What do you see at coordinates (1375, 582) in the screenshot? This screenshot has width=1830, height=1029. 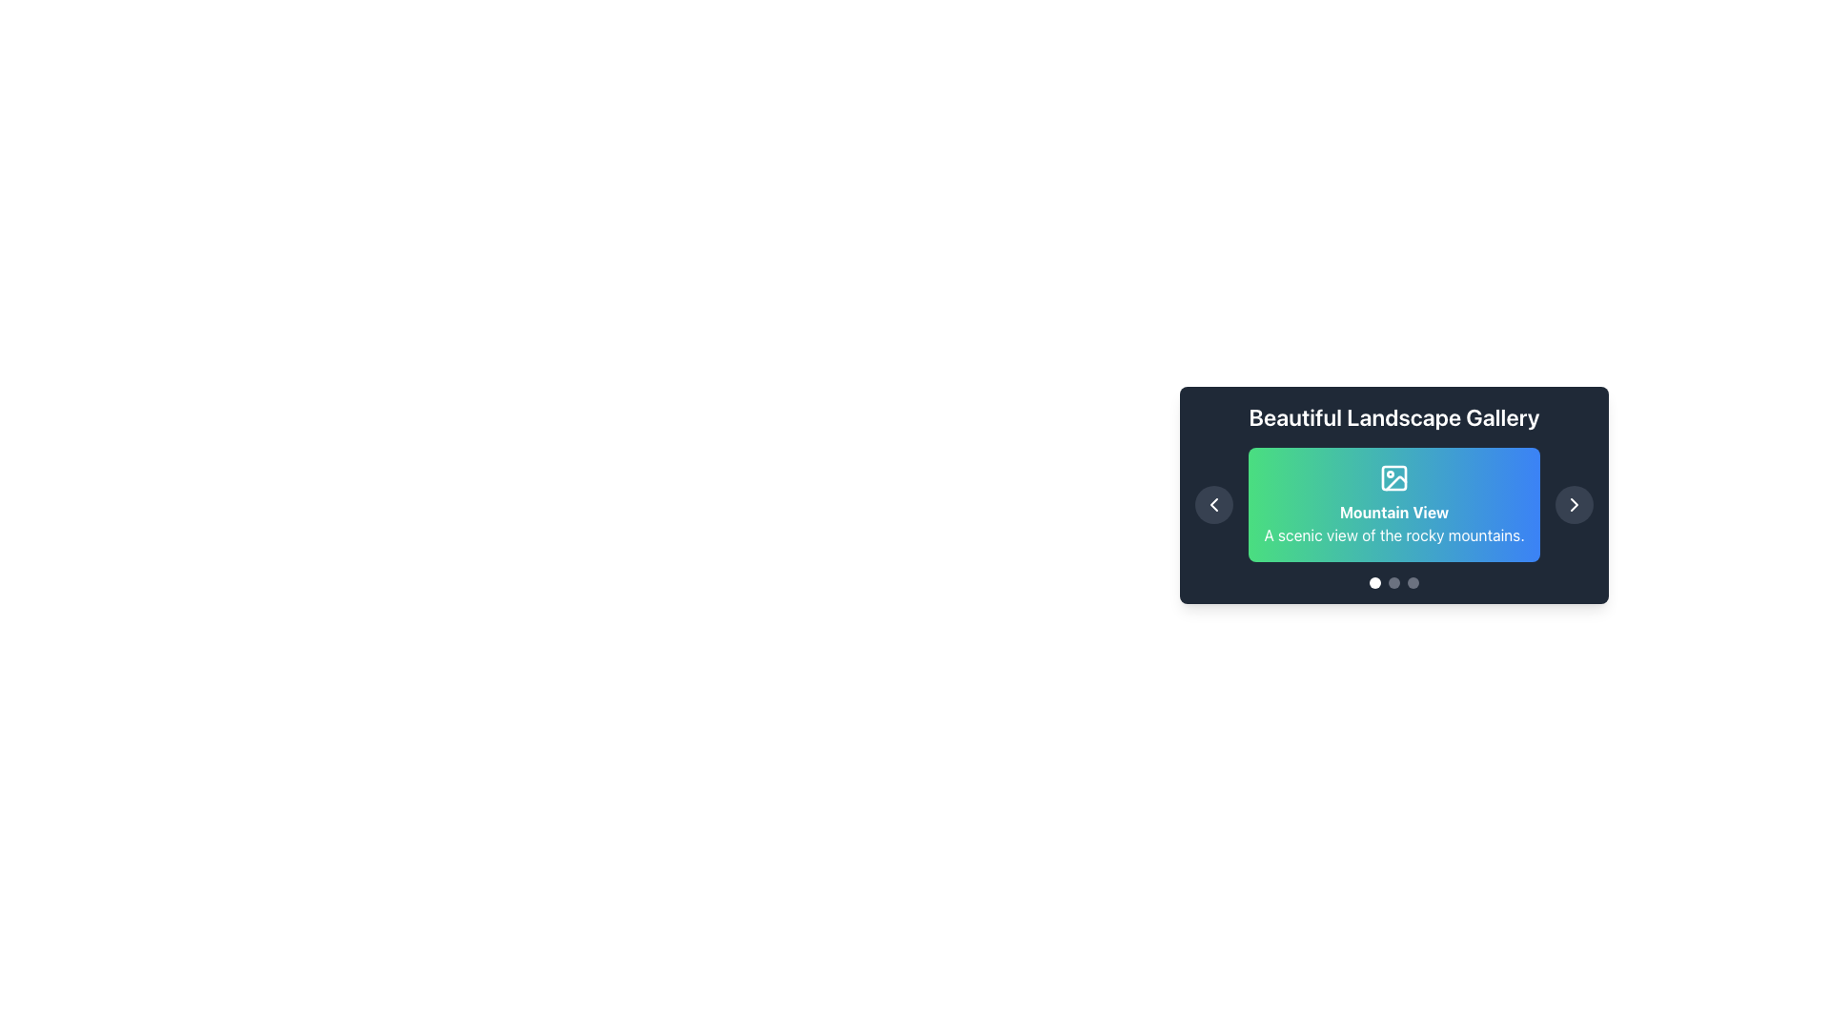 I see `the small circular indicator with a white background, which is the first in a row of three similar indicators` at bounding box center [1375, 582].